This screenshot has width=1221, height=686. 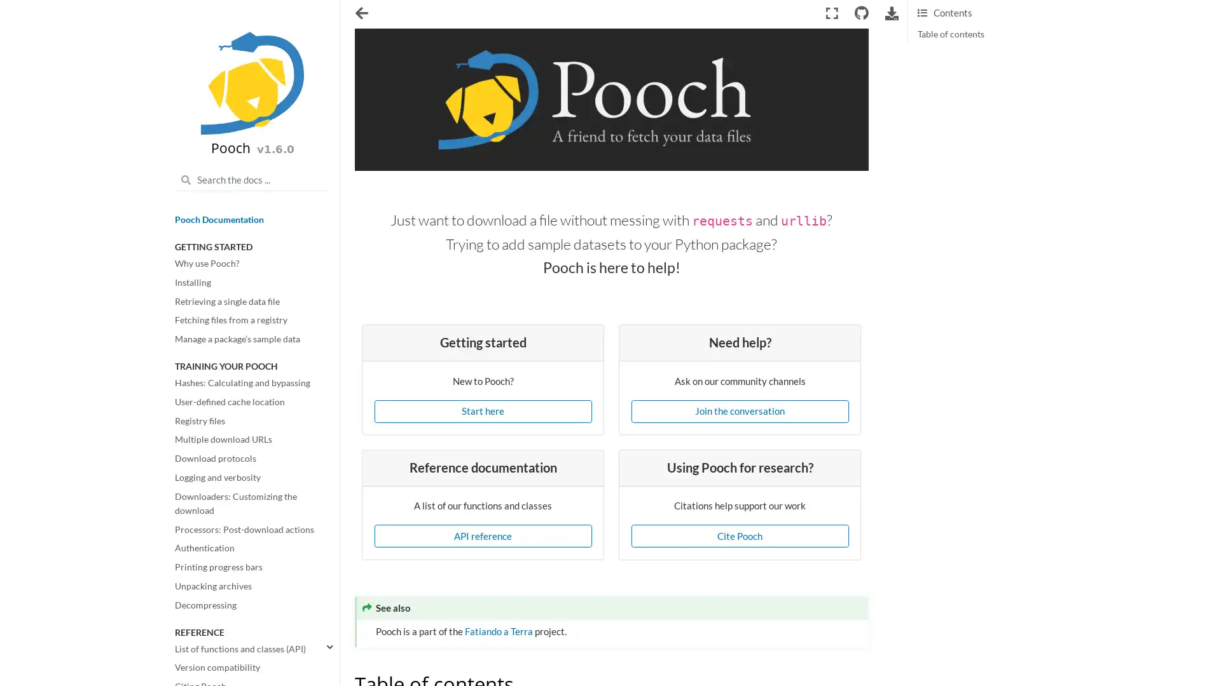 What do you see at coordinates (860, 13) in the screenshot?
I see `Connect with source repository` at bounding box center [860, 13].